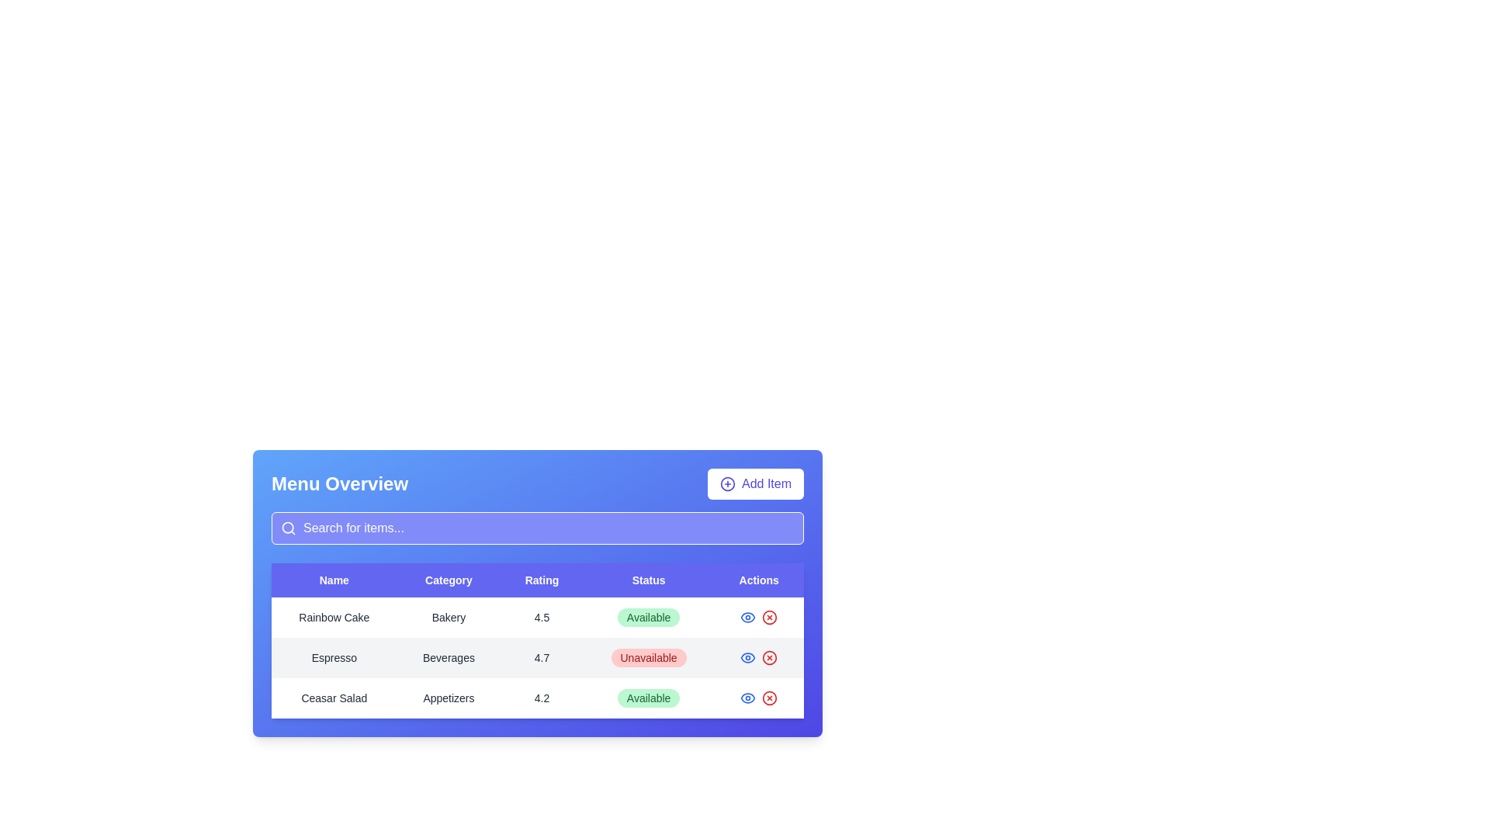 The image size is (1490, 838). What do you see at coordinates (649, 580) in the screenshot?
I see `the 'Status' column header in the table to initiate sorting of the items based on their status` at bounding box center [649, 580].